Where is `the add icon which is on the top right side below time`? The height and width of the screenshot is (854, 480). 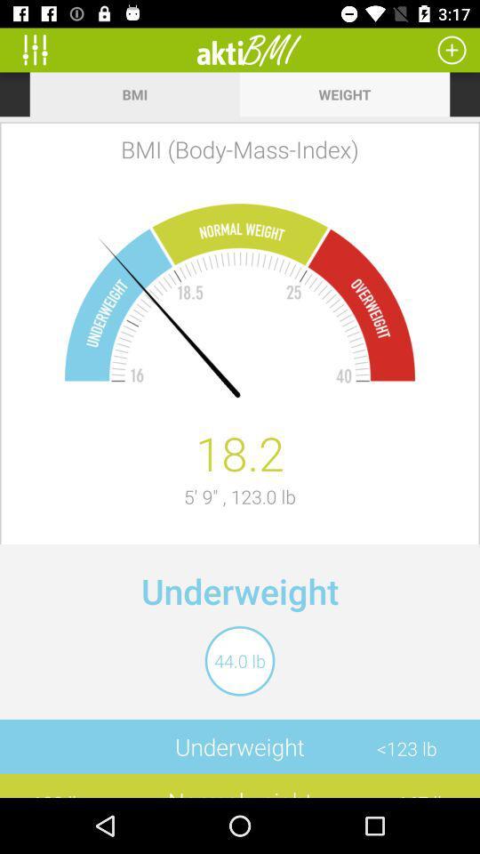
the add icon which is on the top right side below time is located at coordinates (452, 49).